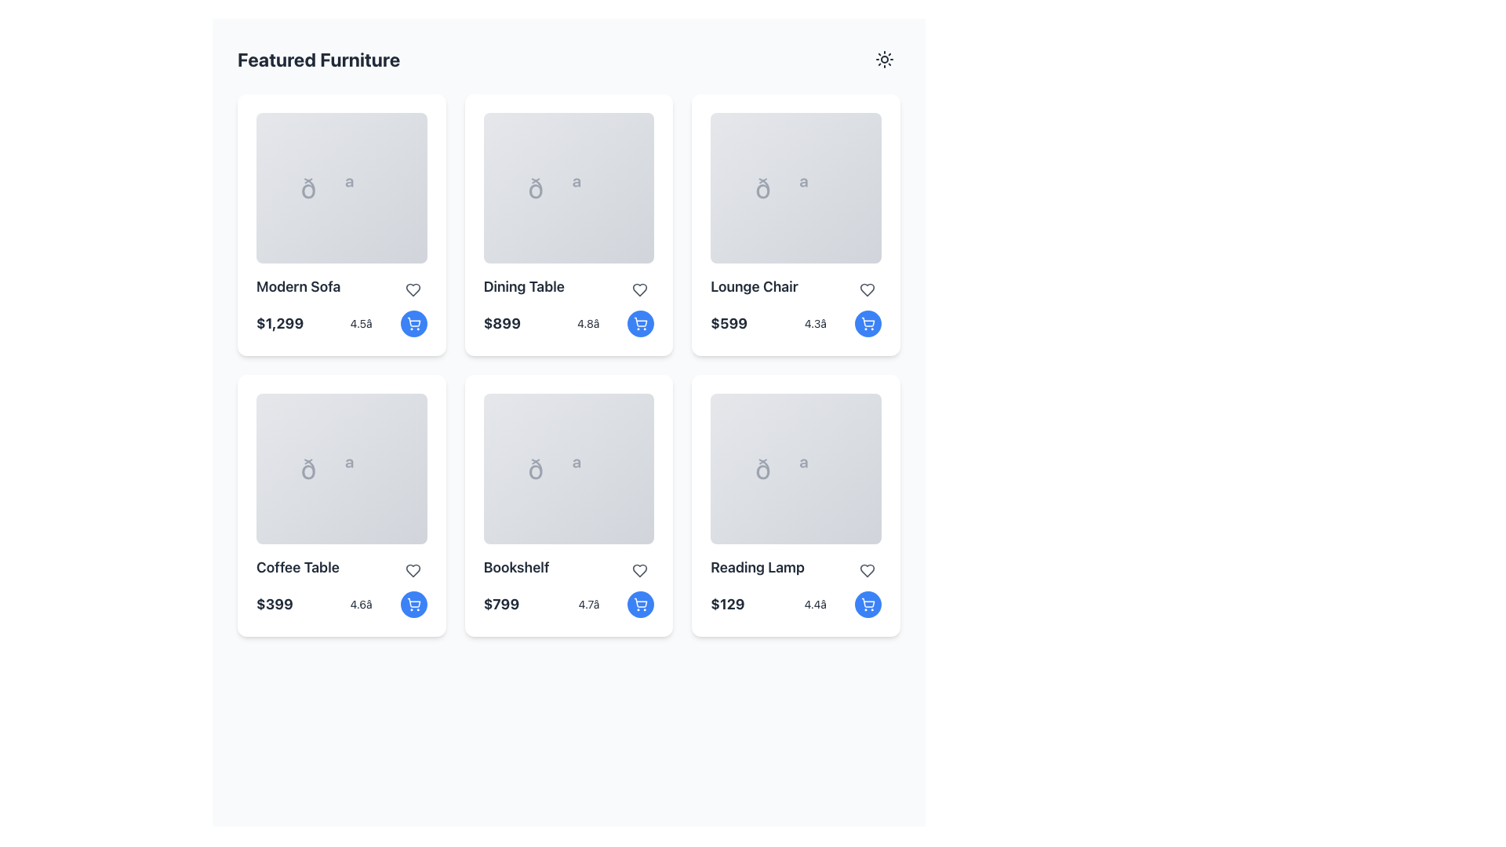 This screenshot has height=847, width=1506. What do you see at coordinates (868, 322) in the screenshot?
I see `the circular blue button with a white shopping cart icon located in the lower-right corner of the 'Lounge Chair' card` at bounding box center [868, 322].